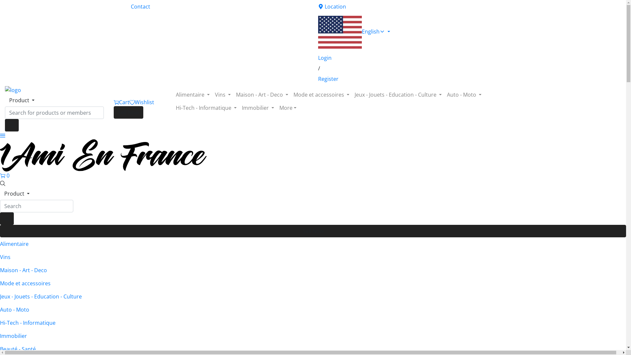 The width and height of the screenshot is (631, 355). What do you see at coordinates (262, 95) in the screenshot?
I see `'Maison - Art - Deco'` at bounding box center [262, 95].